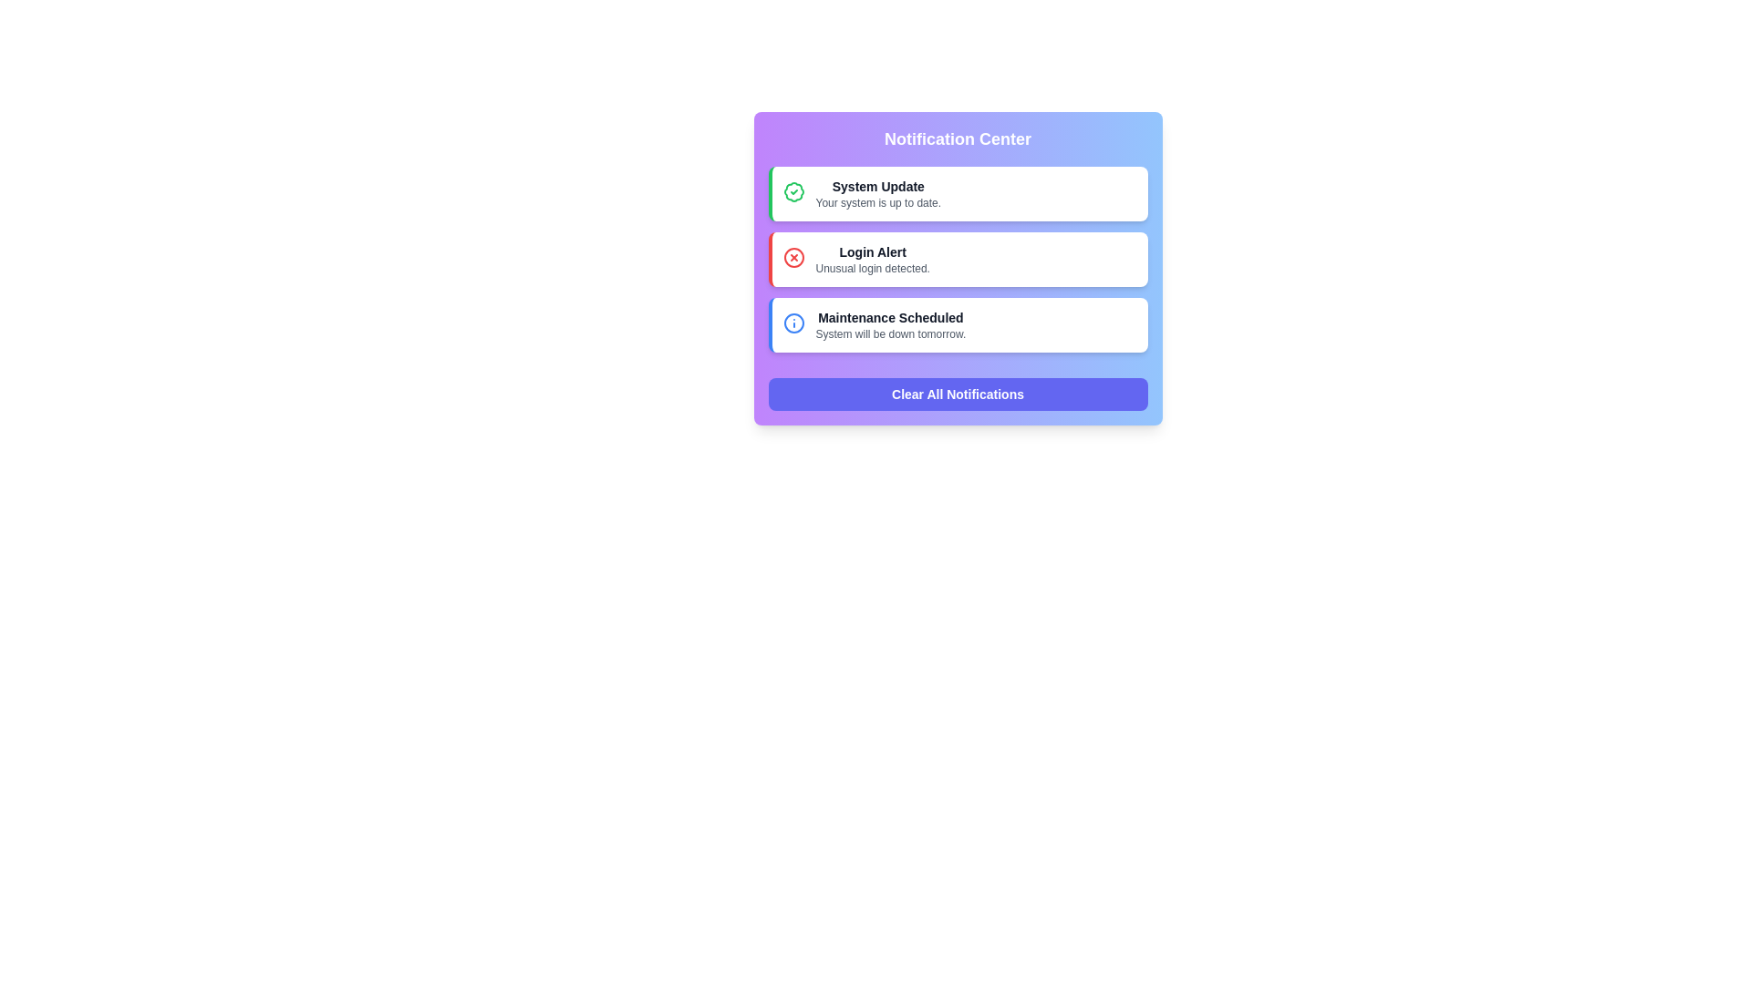 The image size is (1751, 984). Describe the element at coordinates (793, 257) in the screenshot. I see `the circular red 'X' icon with a red border, associated with the 'Login Alert' notification` at that location.